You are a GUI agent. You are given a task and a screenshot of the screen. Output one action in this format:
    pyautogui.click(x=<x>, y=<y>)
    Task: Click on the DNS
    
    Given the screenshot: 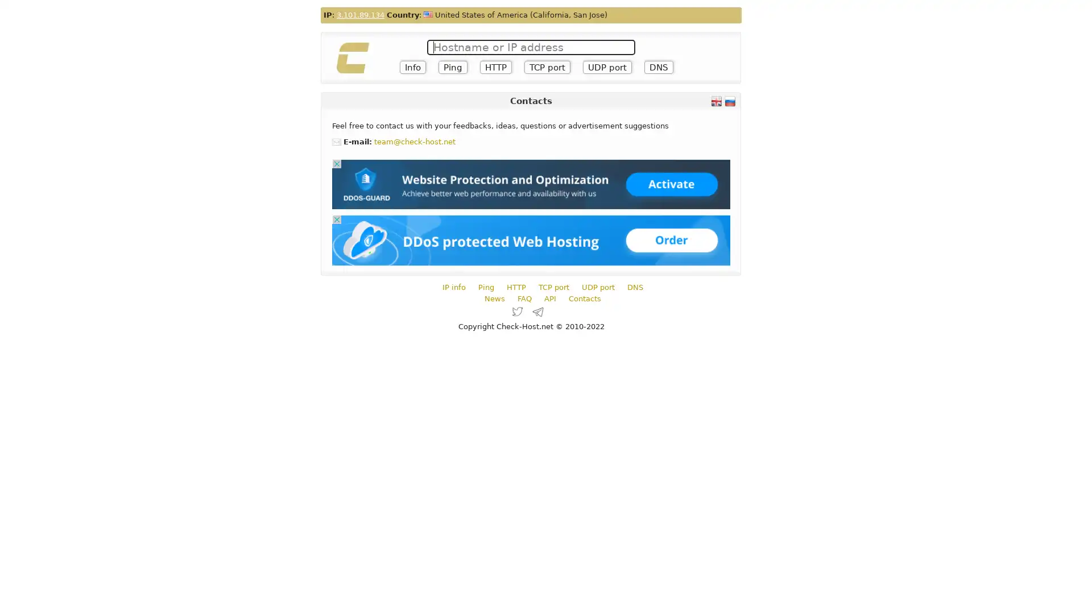 What is the action you would take?
    pyautogui.click(x=658, y=67)
    